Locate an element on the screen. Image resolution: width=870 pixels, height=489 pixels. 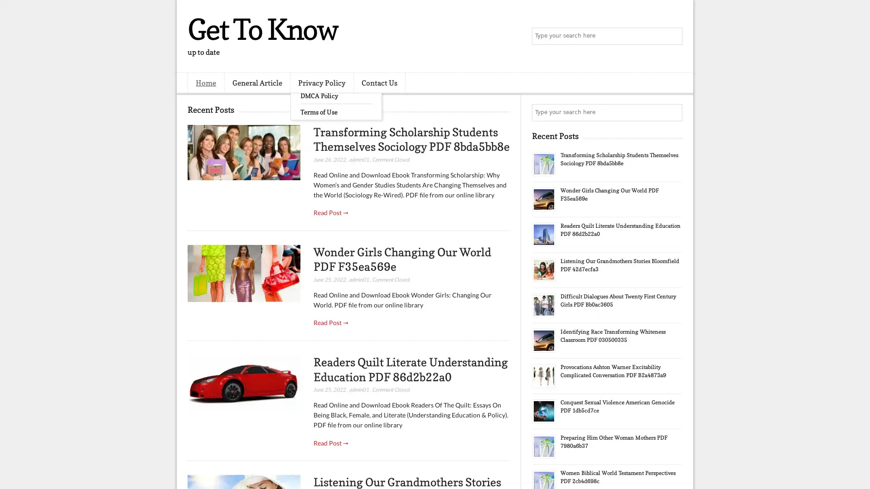
Search is located at coordinates (673, 112).